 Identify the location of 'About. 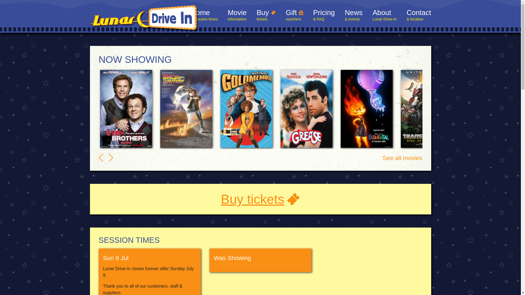
(384, 15).